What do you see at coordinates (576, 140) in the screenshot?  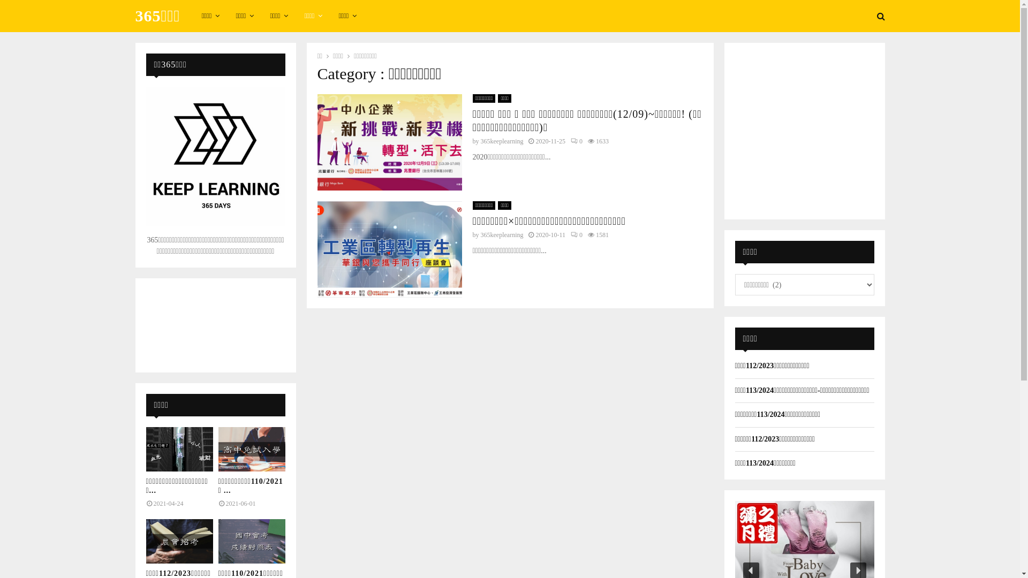 I see `'0'` at bounding box center [576, 140].